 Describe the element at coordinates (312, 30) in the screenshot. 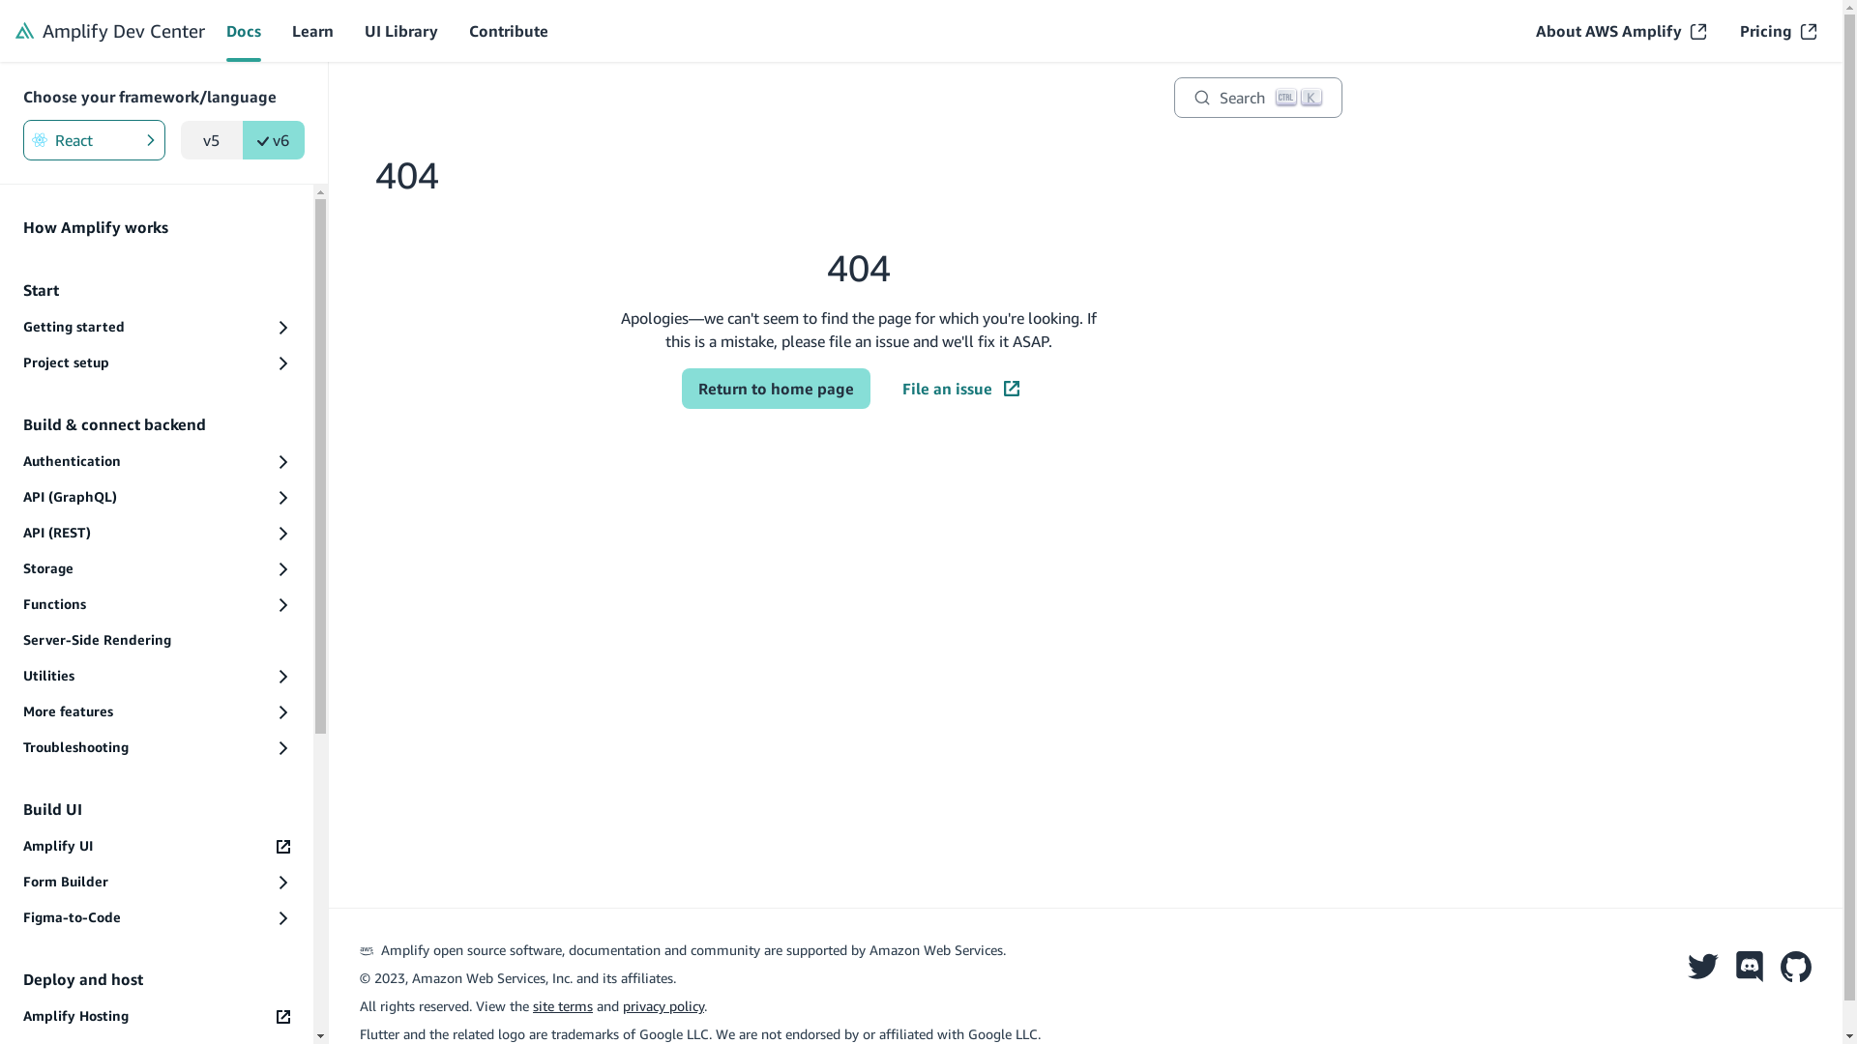

I see `'Learn'` at that location.